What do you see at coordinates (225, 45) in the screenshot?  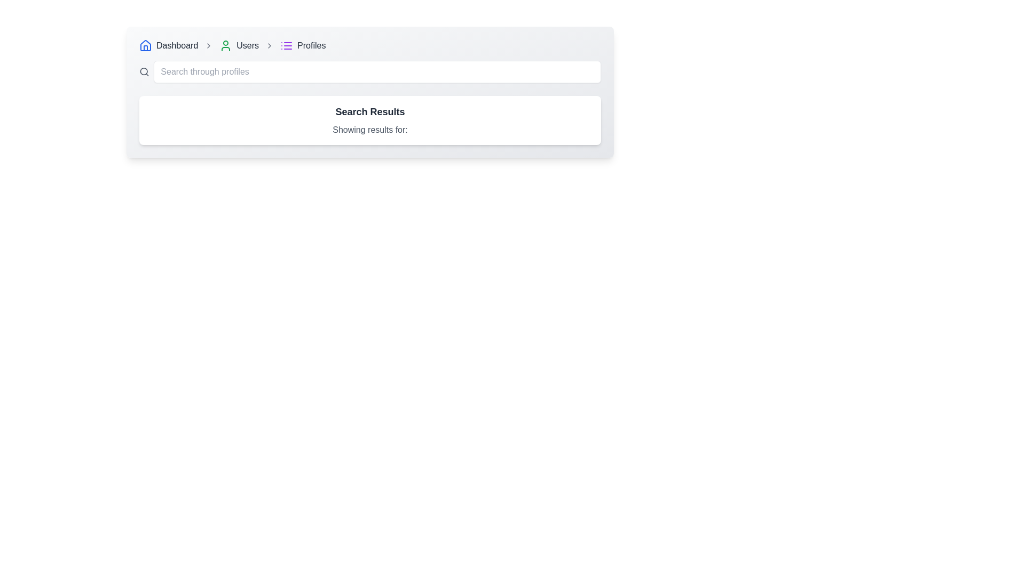 I see `the user-related icon located to the left of the 'Users' text within the navigation breadcrumb row` at bounding box center [225, 45].